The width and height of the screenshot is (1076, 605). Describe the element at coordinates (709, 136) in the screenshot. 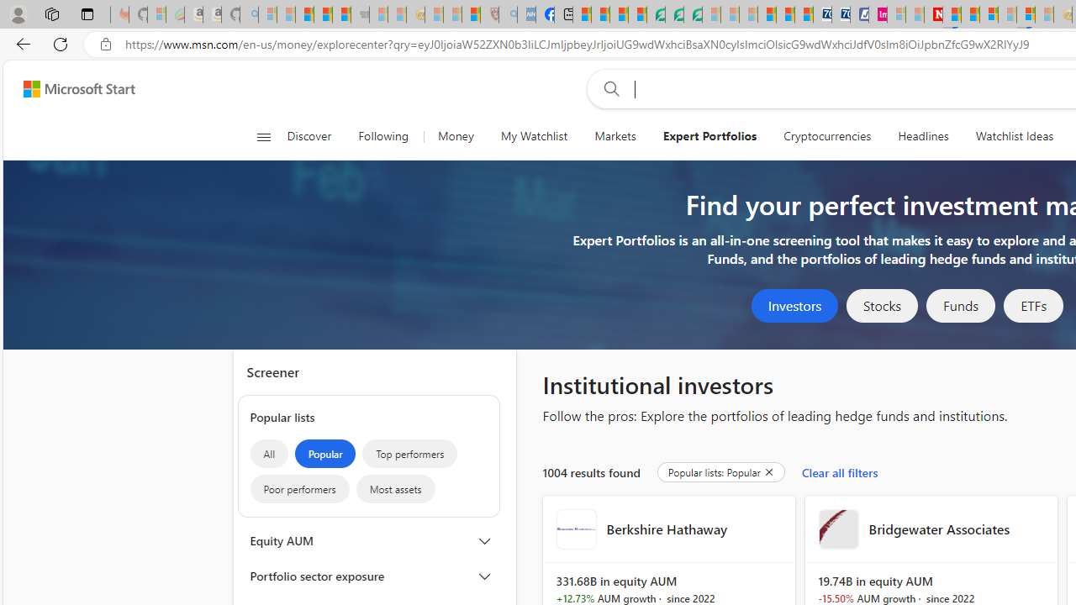

I see `'Expert Portfolios'` at that location.